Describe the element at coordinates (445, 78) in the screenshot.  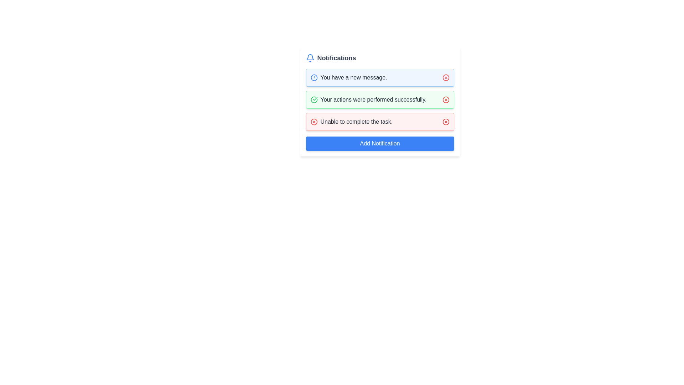
I see `the circular icon (likely a 'close' or 'dismiss' button) located to the immediate right of the text 'You have a new message.' in the first notification item` at that location.